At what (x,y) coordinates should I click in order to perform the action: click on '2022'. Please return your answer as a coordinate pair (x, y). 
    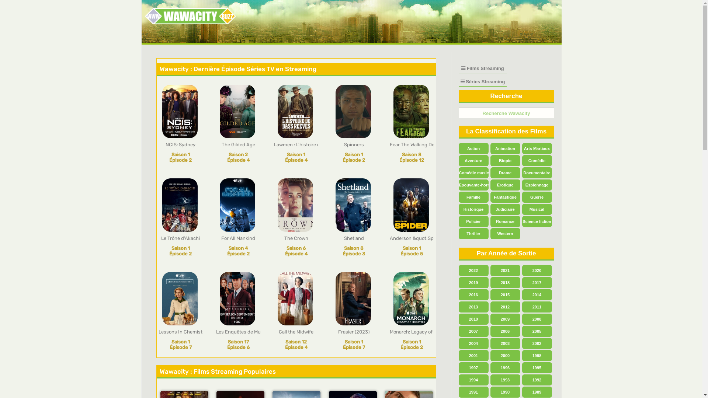
    Looking at the image, I should click on (473, 270).